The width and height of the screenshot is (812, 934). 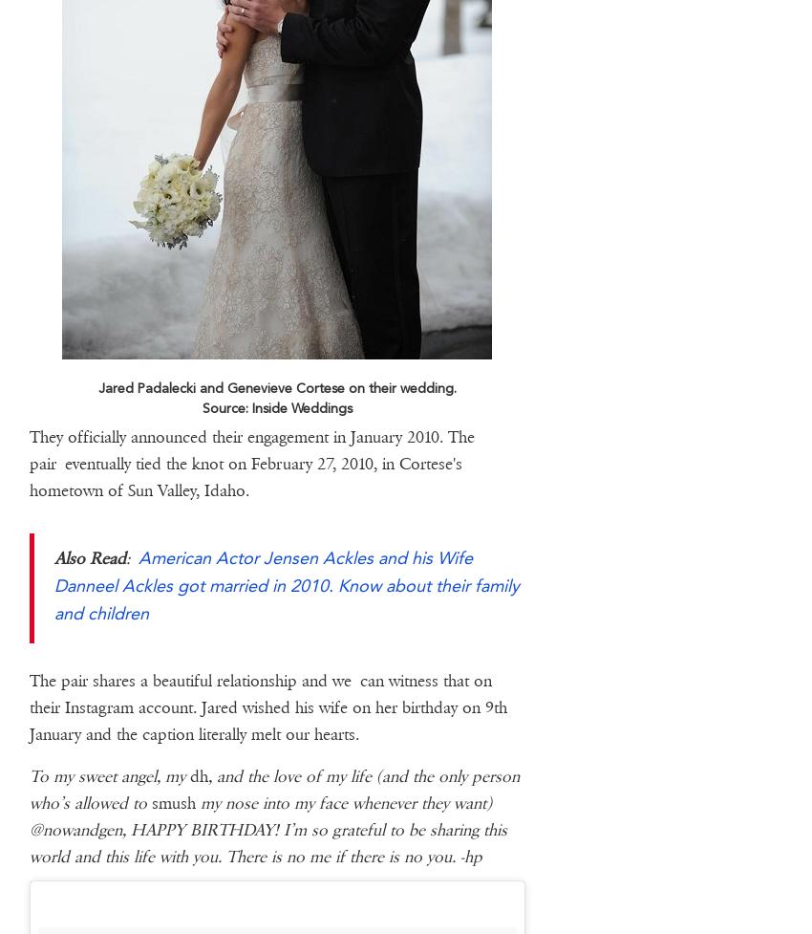 What do you see at coordinates (286, 583) in the screenshot?
I see `'American Actor Jensen Ackles and his Wife Danneel Ackles got married in 2010. Know about their family and children'` at bounding box center [286, 583].